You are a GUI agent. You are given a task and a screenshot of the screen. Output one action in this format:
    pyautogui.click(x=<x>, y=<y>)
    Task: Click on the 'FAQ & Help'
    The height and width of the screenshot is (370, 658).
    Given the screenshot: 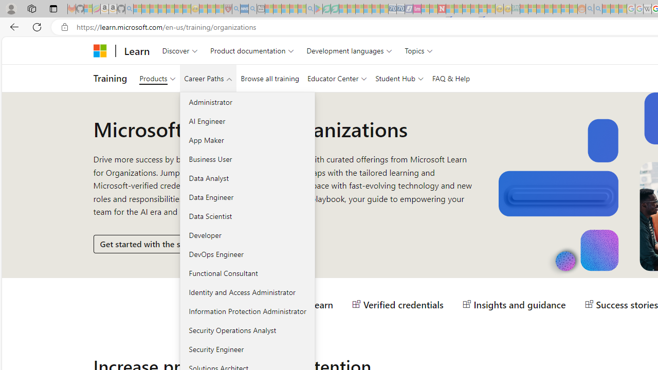 What is the action you would take?
    pyautogui.click(x=451, y=78)
    